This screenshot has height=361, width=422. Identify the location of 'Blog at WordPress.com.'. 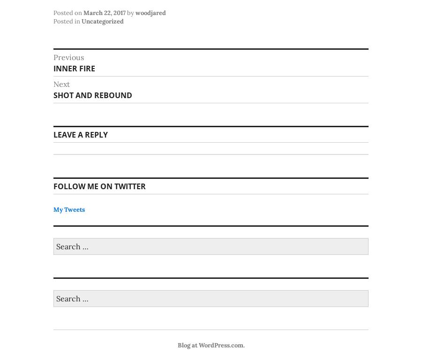
(177, 345).